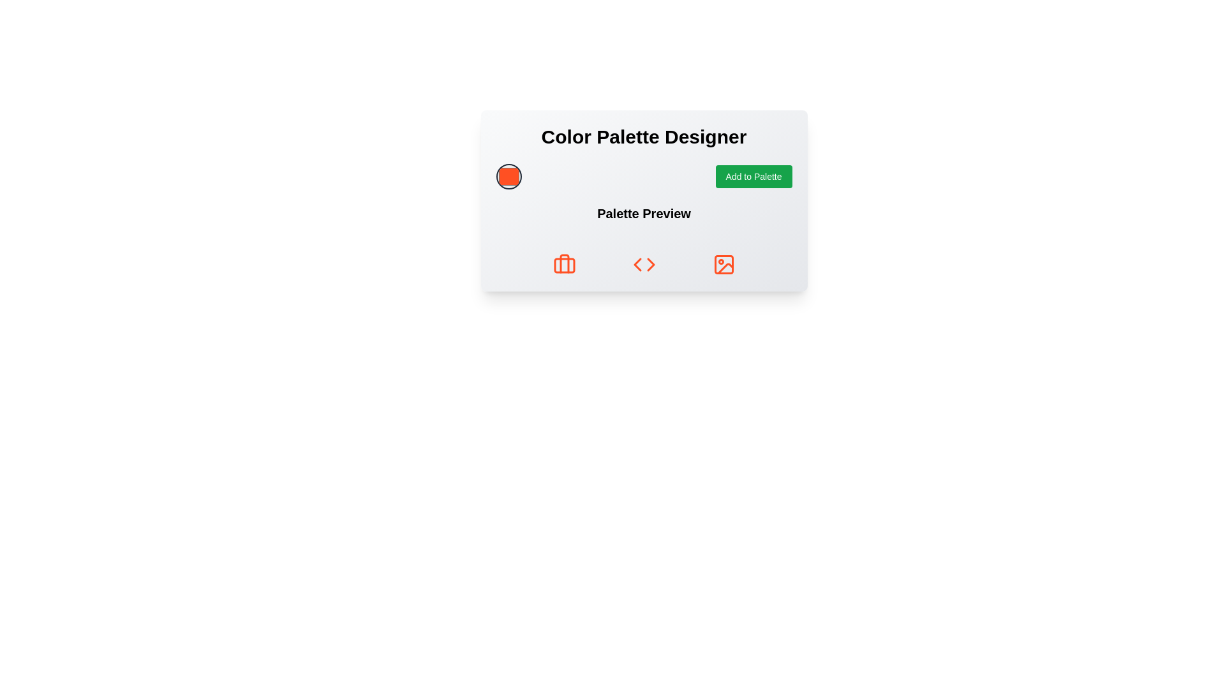  I want to click on the first button with a briefcase icon located below the 'Palette Preview' text, so click(563, 264).